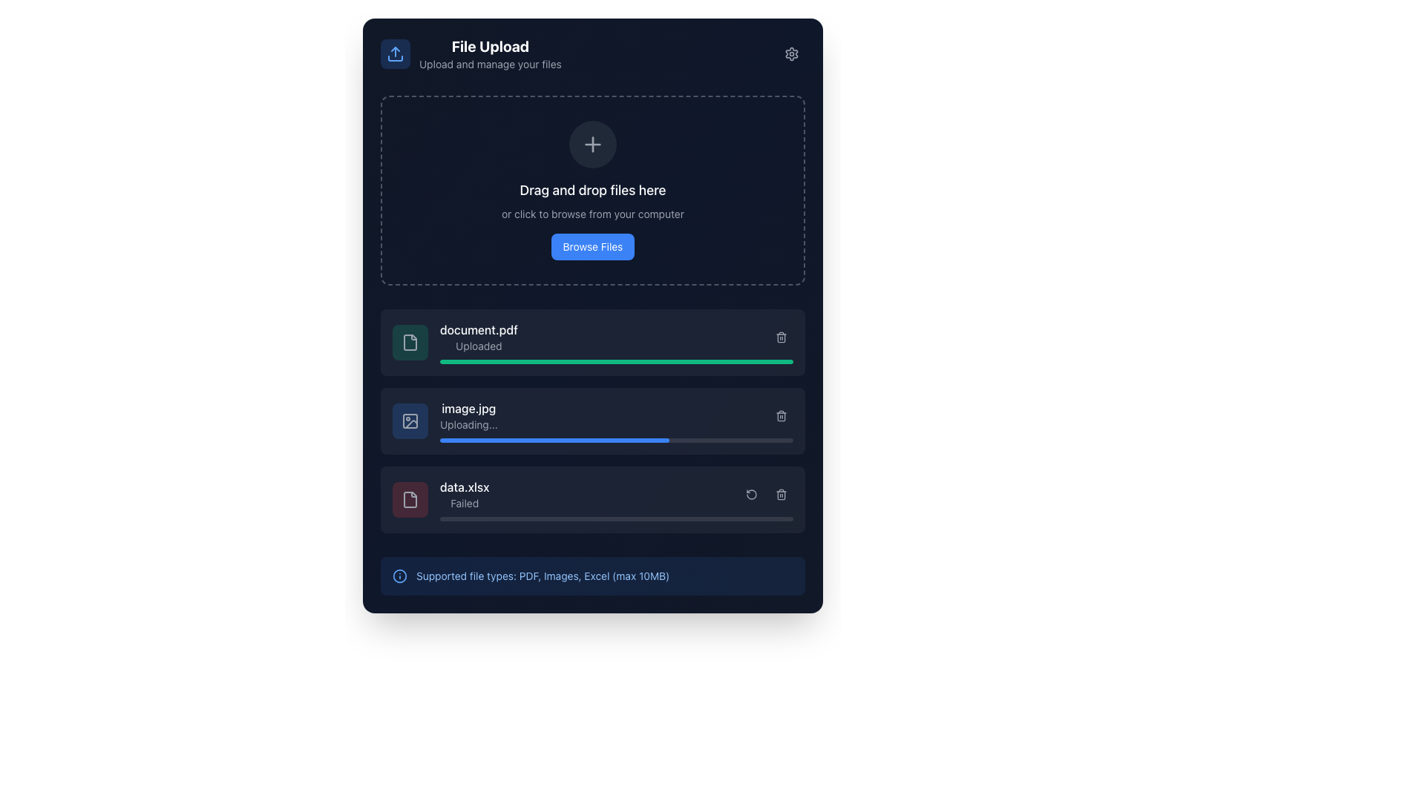  I want to click on the filename in the first row of the file listing section of the upload interface to preview or download the file, so click(479, 337).